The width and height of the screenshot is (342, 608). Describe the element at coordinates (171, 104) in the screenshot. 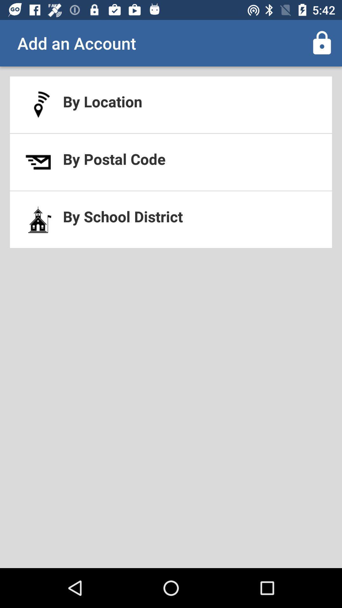

I see `item above    by postal code icon` at that location.